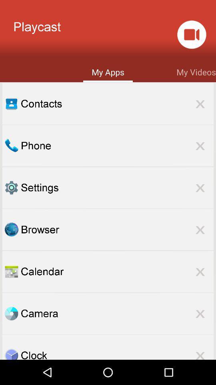  I want to click on calendar icon, so click(117, 272).